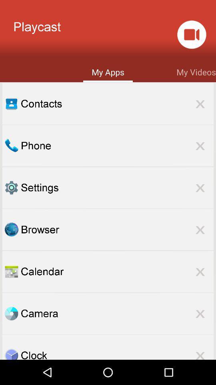  I want to click on calendar icon, so click(117, 272).